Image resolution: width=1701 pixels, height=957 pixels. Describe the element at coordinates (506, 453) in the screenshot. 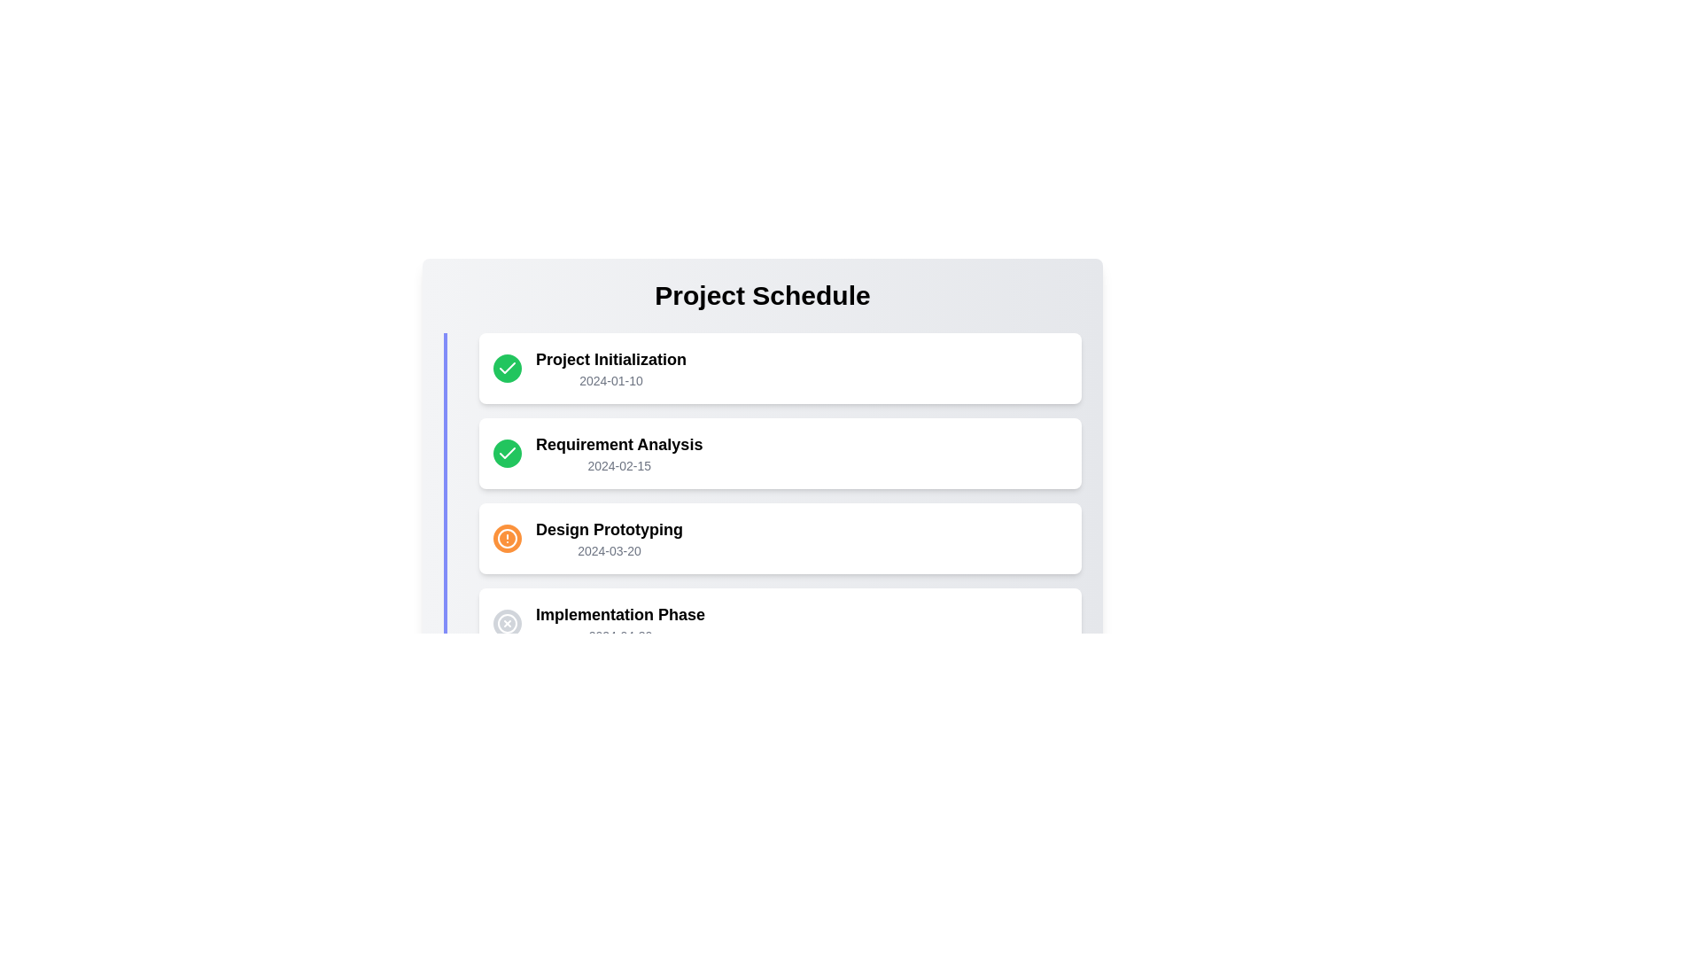

I see `the checkmark icon indicating the completion of the 'Project Initialization' phase located at the top of the vertical list in the 'Project Schedule' section` at that location.